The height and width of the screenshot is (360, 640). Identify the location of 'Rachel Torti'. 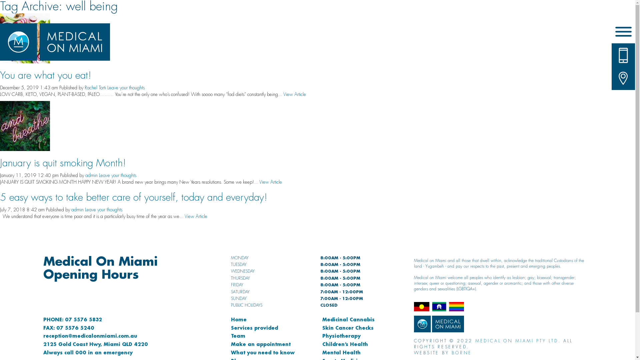
(95, 87).